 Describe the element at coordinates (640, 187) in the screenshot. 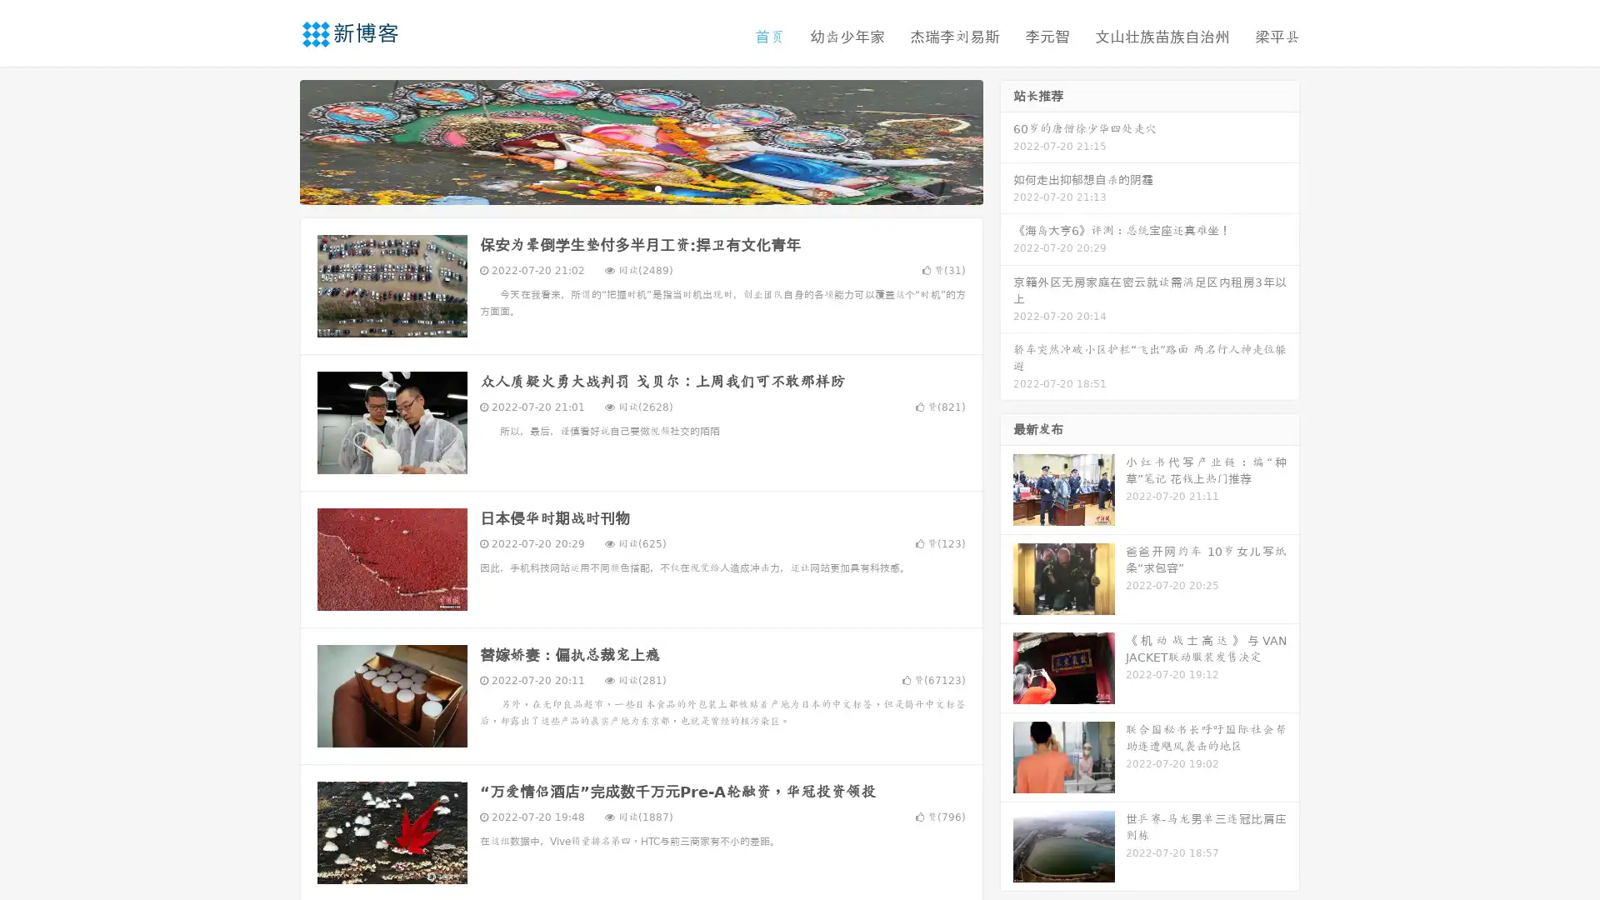

I see `Go to slide 2` at that location.